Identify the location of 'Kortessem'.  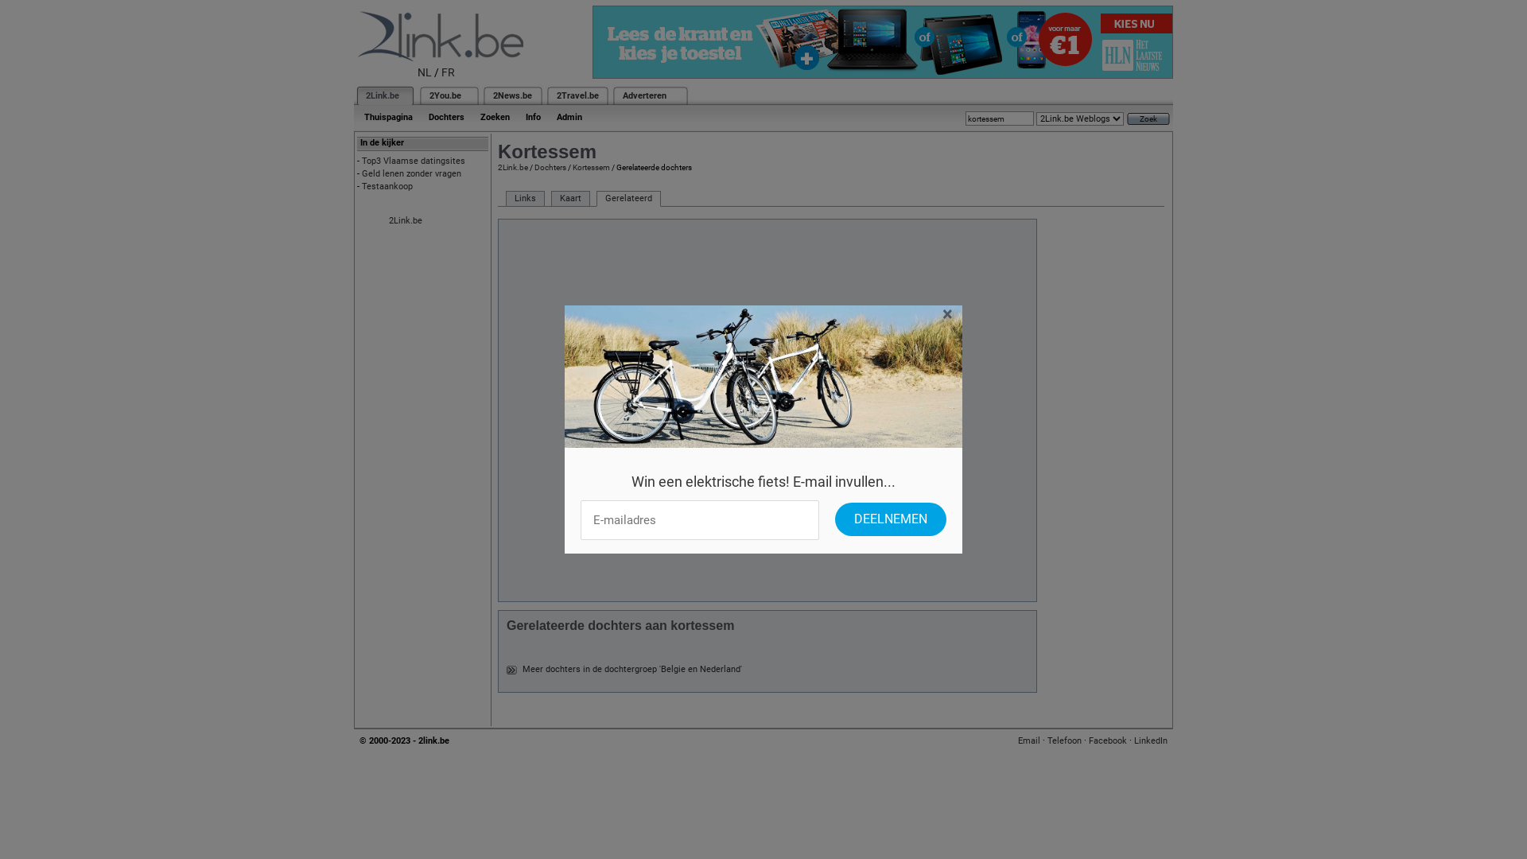
(590, 167).